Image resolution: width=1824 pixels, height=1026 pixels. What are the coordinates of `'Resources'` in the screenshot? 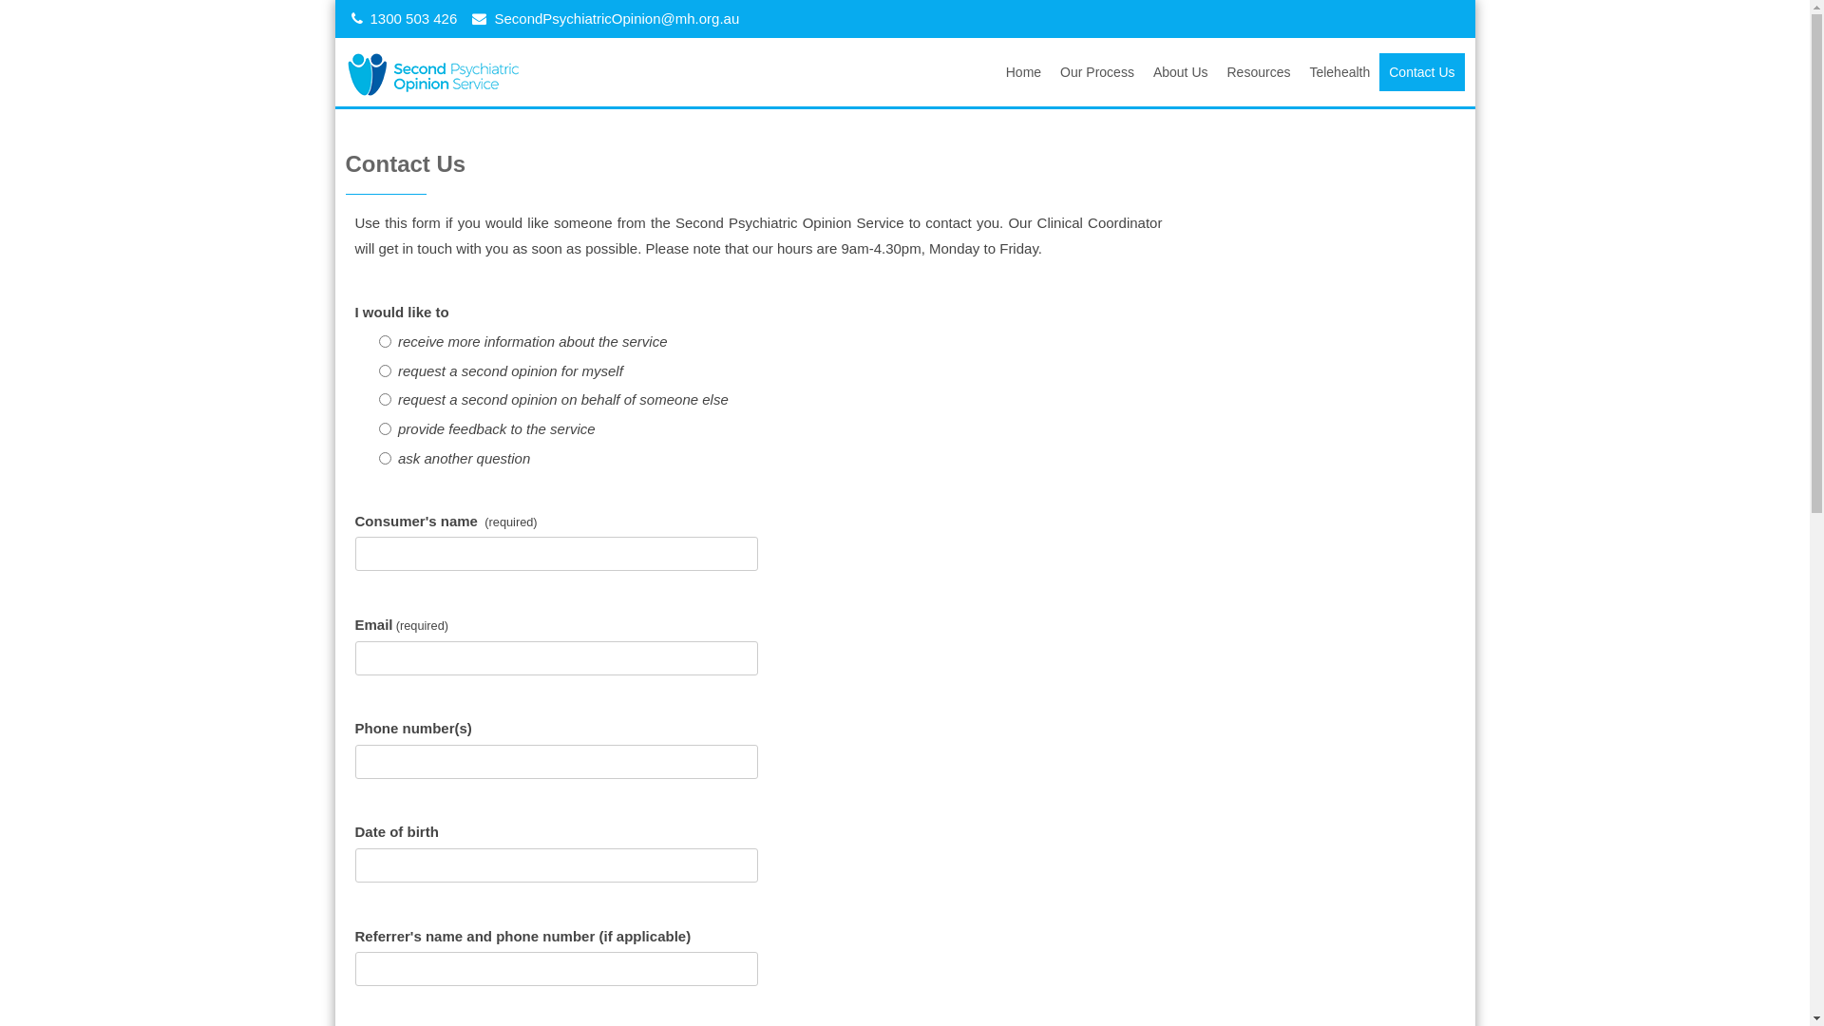 It's located at (1259, 71).